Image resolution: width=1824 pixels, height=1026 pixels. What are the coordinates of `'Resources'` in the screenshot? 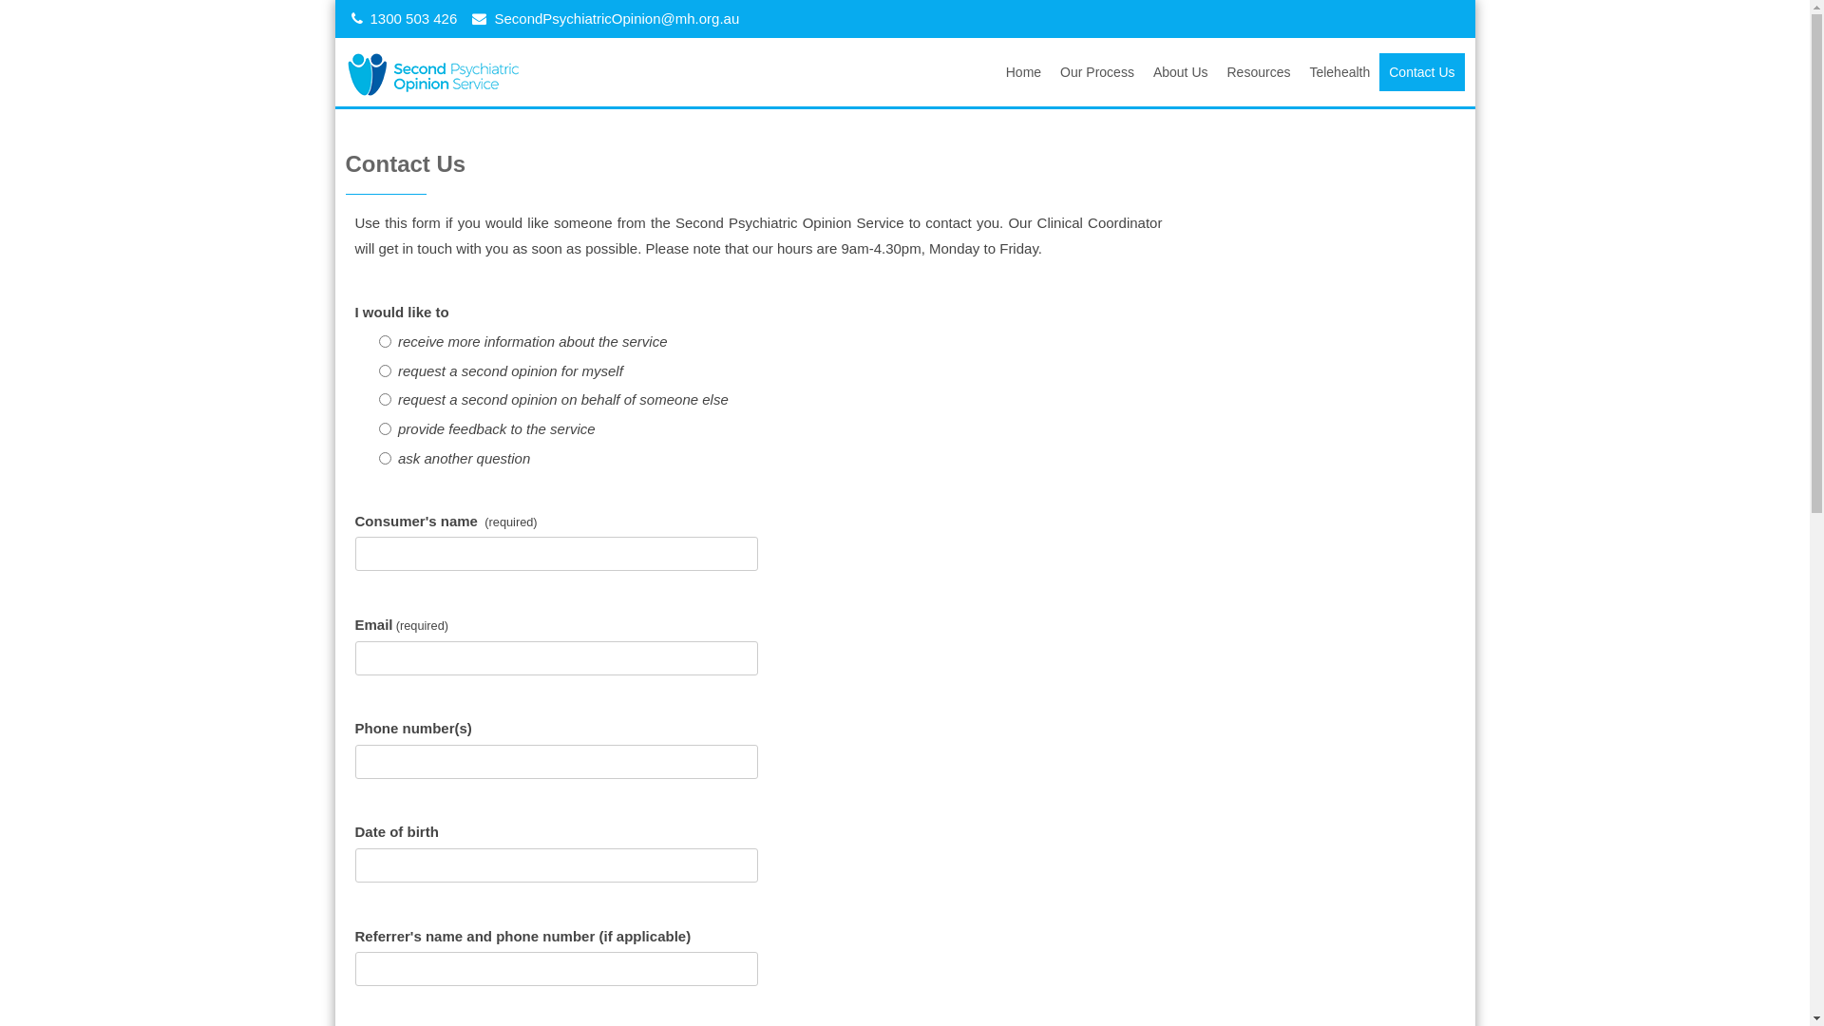 It's located at (1259, 71).